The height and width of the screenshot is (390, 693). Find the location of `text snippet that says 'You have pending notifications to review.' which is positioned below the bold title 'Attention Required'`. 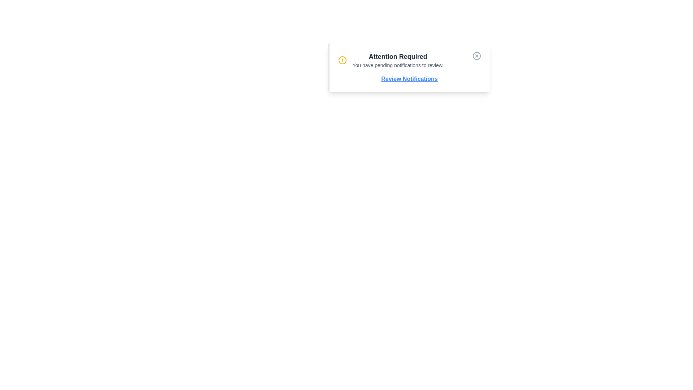

text snippet that says 'You have pending notifications to review.' which is positioned below the bold title 'Attention Required' is located at coordinates (397, 65).